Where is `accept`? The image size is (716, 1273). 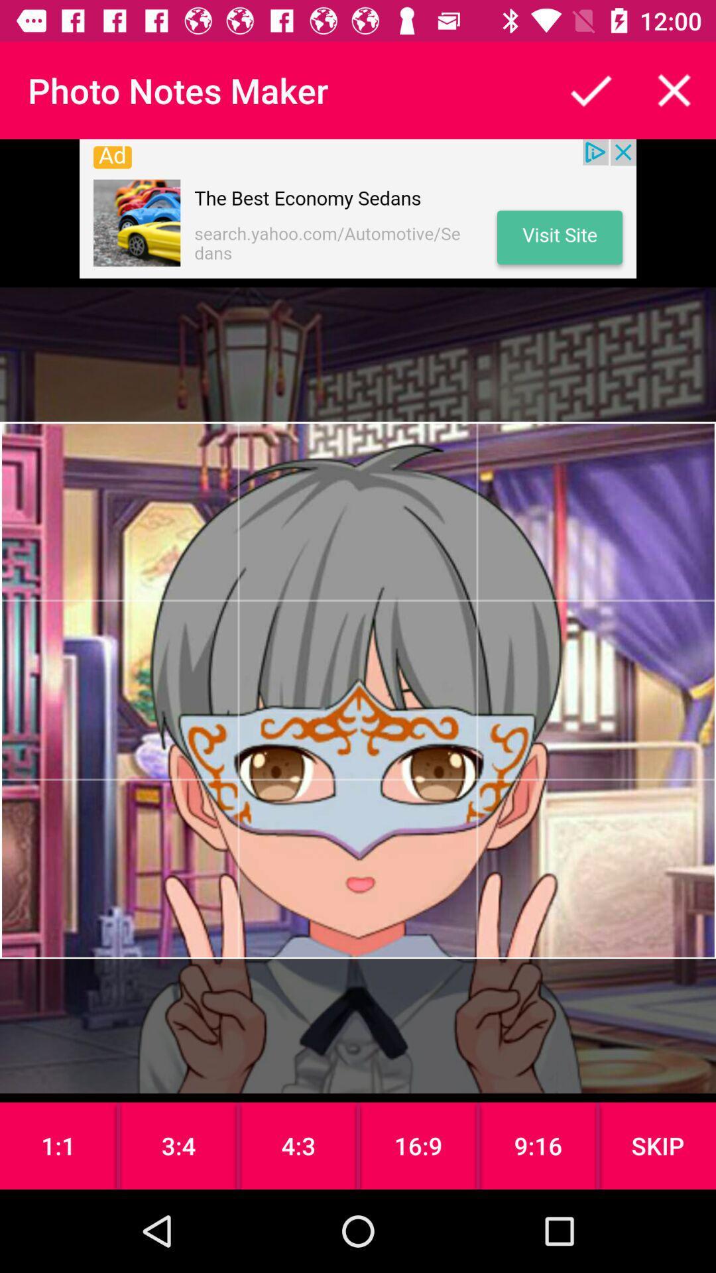
accept is located at coordinates (590, 90).